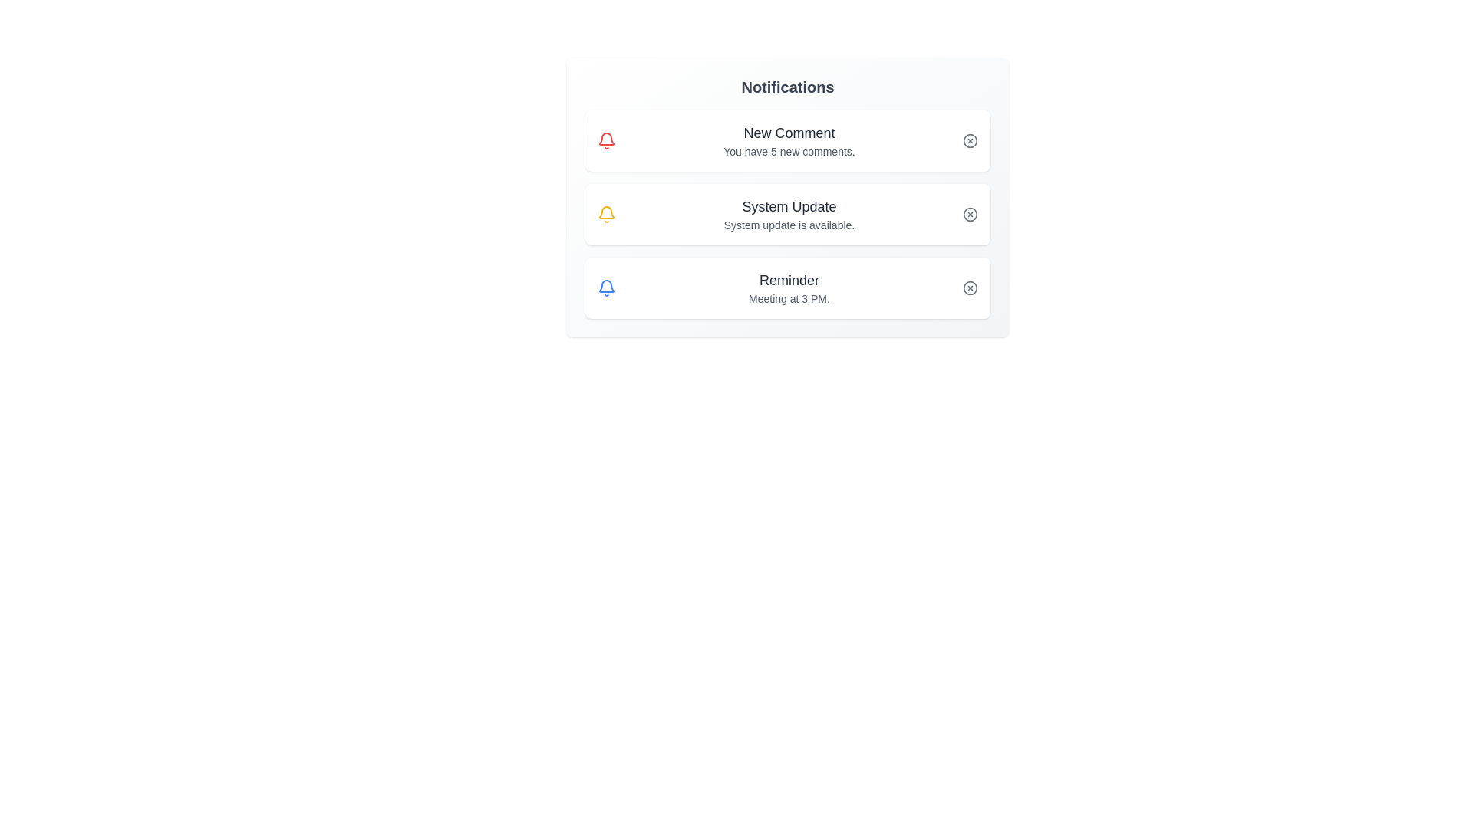 This screenshot has height=828, width=1473. I want to click on the circular element representing the dismiss action within the SVG graphic of the 'Reminder' notification card in the third row of the notification list, so click(970, 287).